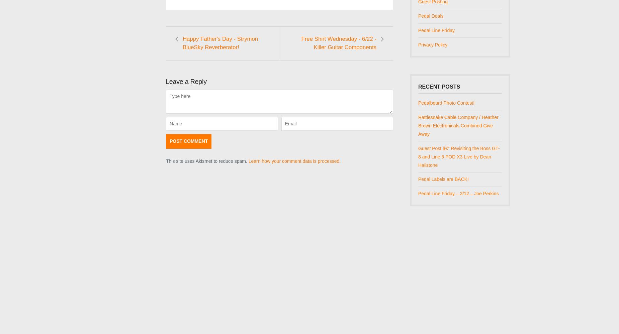  Describe the element at coordinates (430, 16) in the screenshot. I see `'Pedal Deals'` at that location.